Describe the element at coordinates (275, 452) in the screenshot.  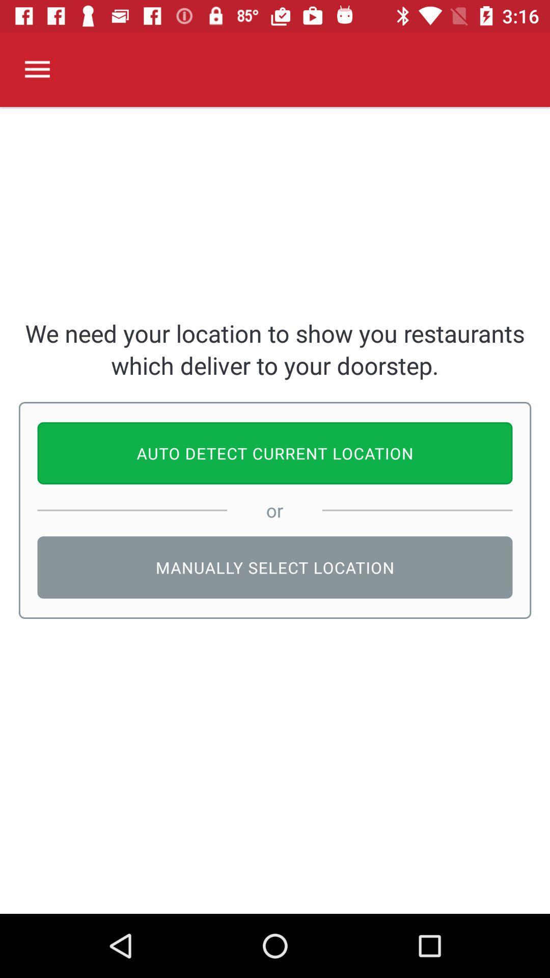
I see `auto detect current icon` at that location.